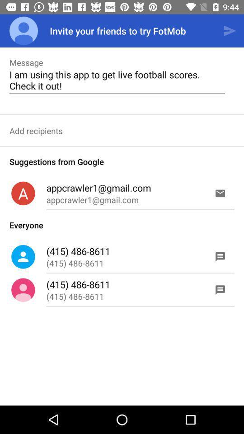 This screenshot has width=244, height=434. What do you see at coordinates (23, 31) in the screenshot?
I see `item above the message item` at bounding box center [23, 31].